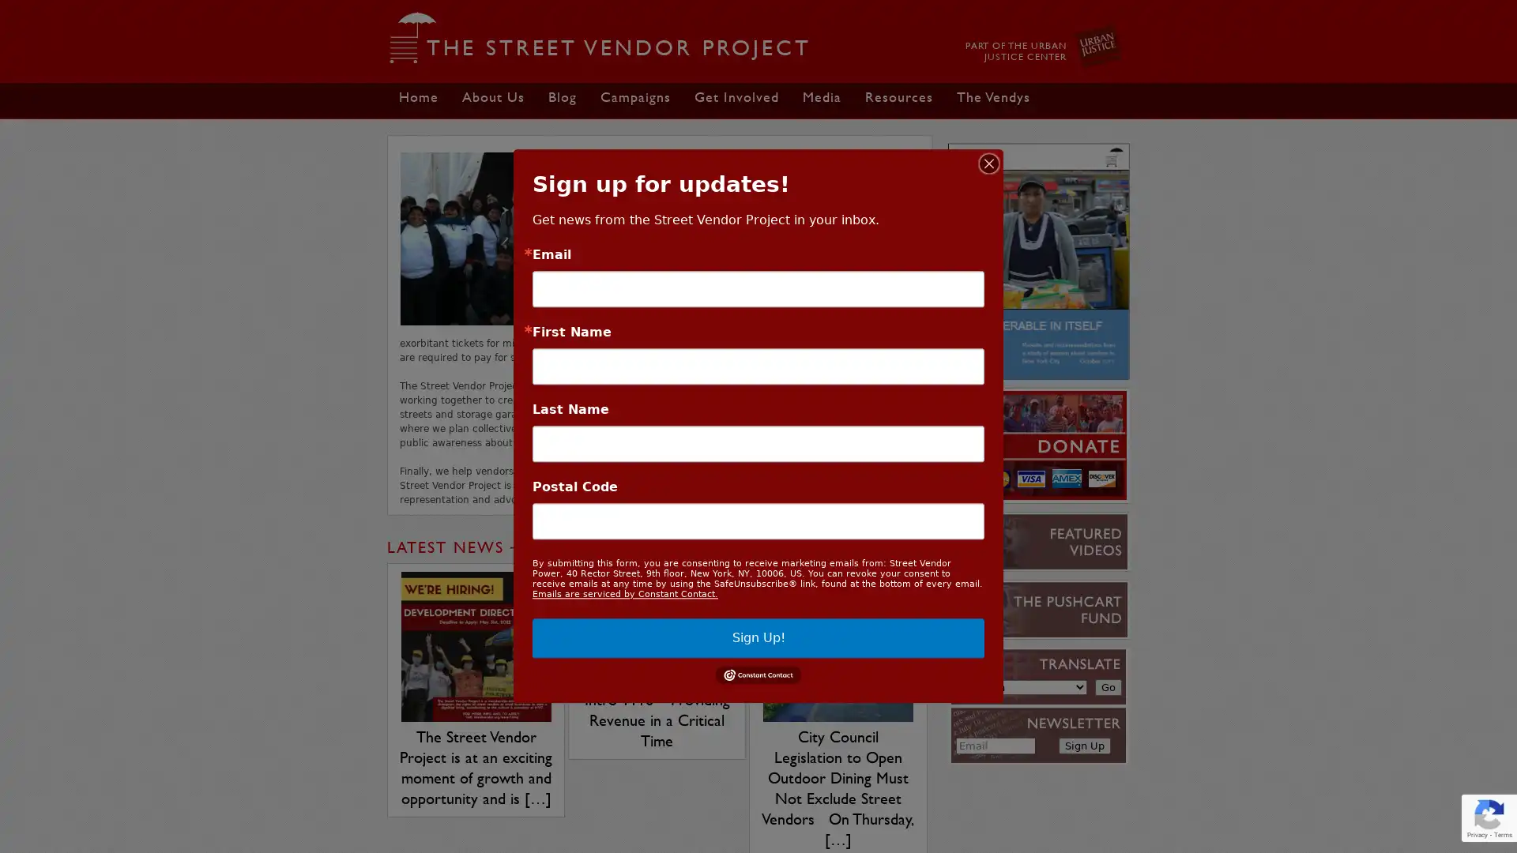 Image resolution: width=1517 pixels, height=853 pixels. What do you see at coordinates (1107, 686) in the screenshot?
I see `Go` at bounding box center [1107, 686].